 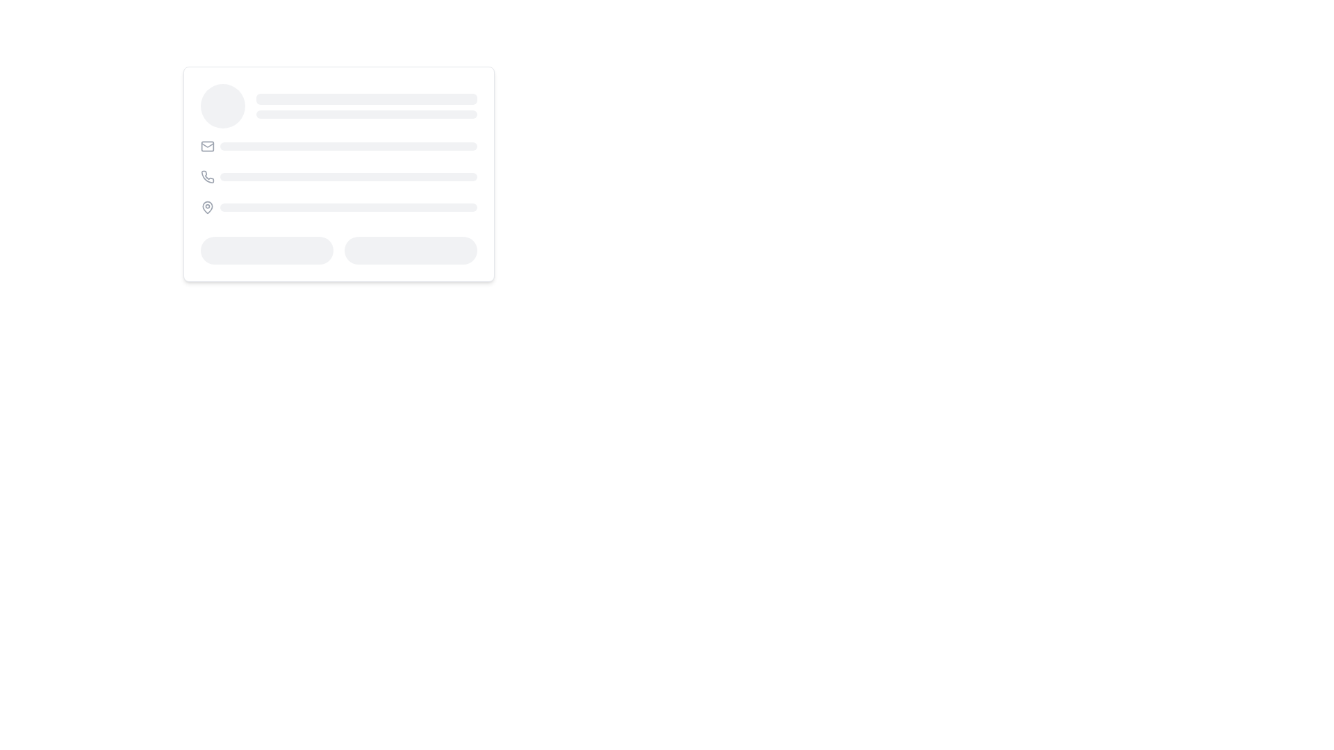 I want to click on the vertical list of skeleton placeholder rows indicating loading states for textual content, which is positioned centrally within a card layout, so click(x=339, y=176).